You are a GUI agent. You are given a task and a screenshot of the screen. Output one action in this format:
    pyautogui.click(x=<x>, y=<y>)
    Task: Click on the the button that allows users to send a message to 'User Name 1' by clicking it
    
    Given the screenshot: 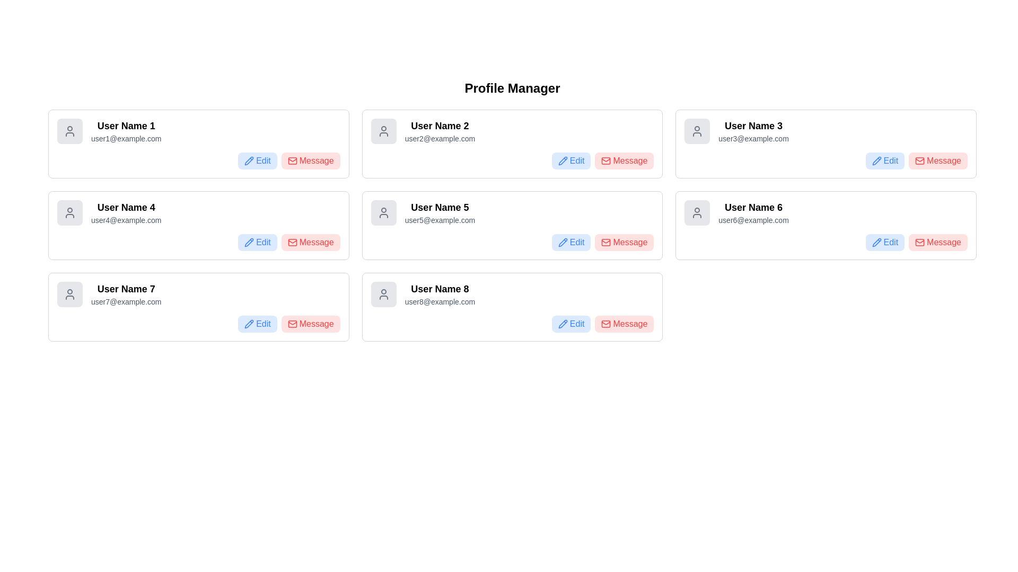 What is the action you would take?
    pyautogui.click(x=310, y=161)
    